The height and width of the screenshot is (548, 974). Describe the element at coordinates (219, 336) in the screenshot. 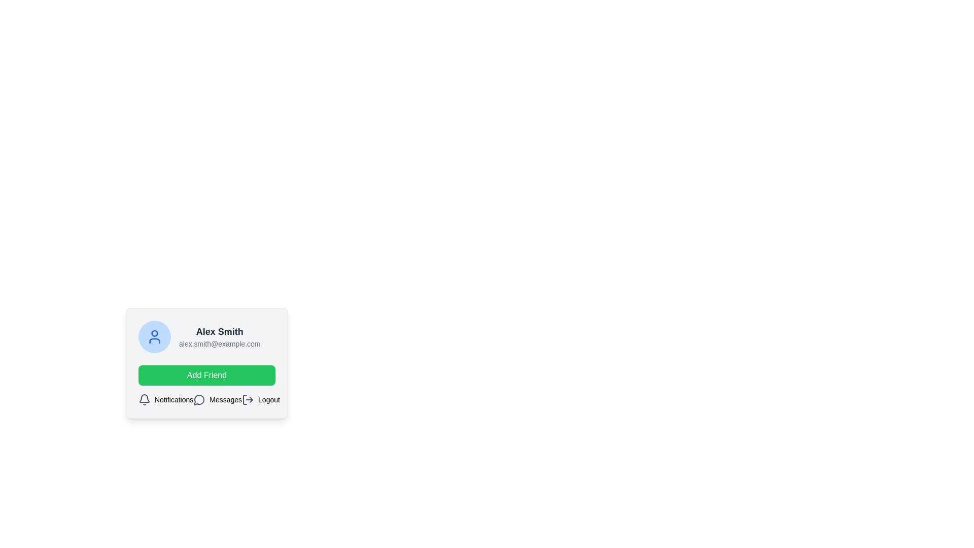

I see `the Text display block that shows the user's name and contact email, located in the top section of a small card-like interface to potentially reveal additional information` at that location.